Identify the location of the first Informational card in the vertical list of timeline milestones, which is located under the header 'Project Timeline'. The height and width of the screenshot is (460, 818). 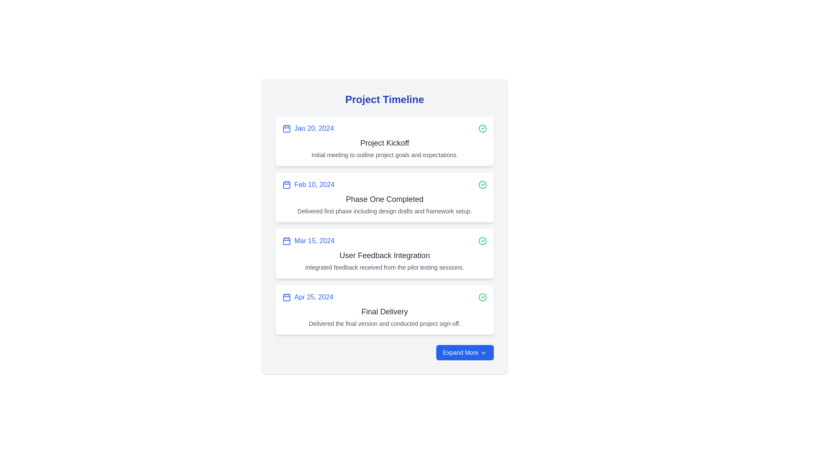
(384, 141).